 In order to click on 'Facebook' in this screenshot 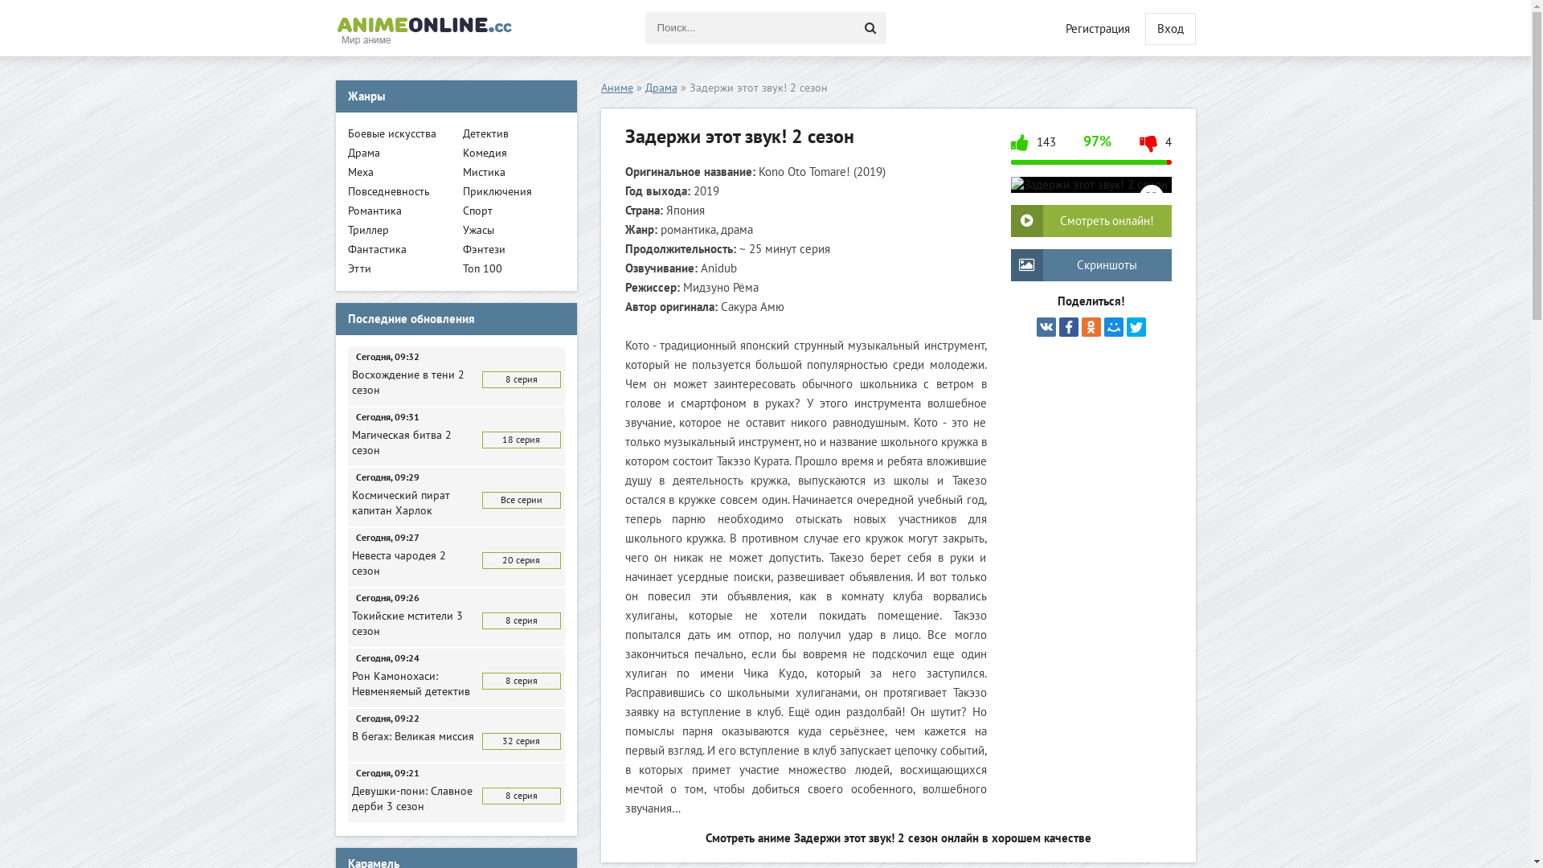, I will do `click(1068, 326)`.